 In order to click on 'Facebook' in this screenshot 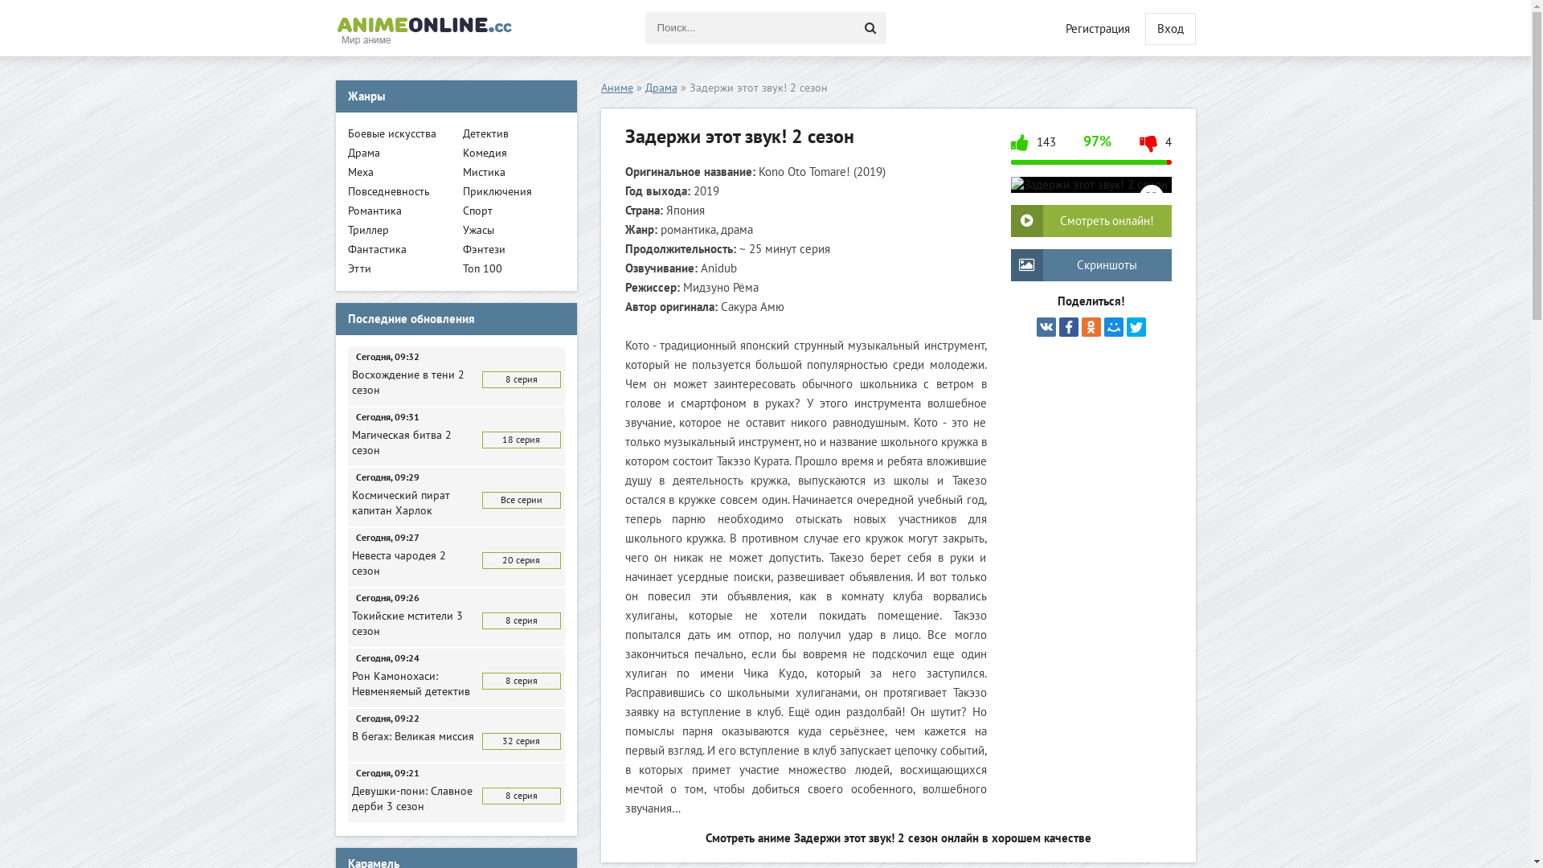, I will do `click(1068, 326)`.